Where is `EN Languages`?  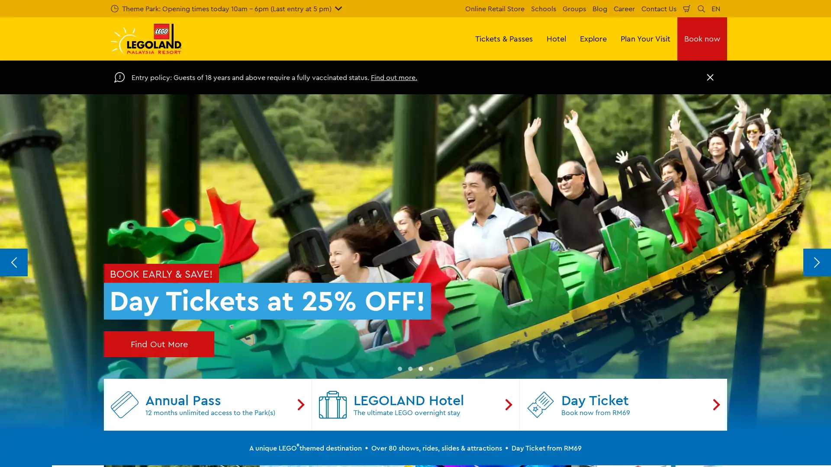 EN Languages is located at coordinates (716, 8).